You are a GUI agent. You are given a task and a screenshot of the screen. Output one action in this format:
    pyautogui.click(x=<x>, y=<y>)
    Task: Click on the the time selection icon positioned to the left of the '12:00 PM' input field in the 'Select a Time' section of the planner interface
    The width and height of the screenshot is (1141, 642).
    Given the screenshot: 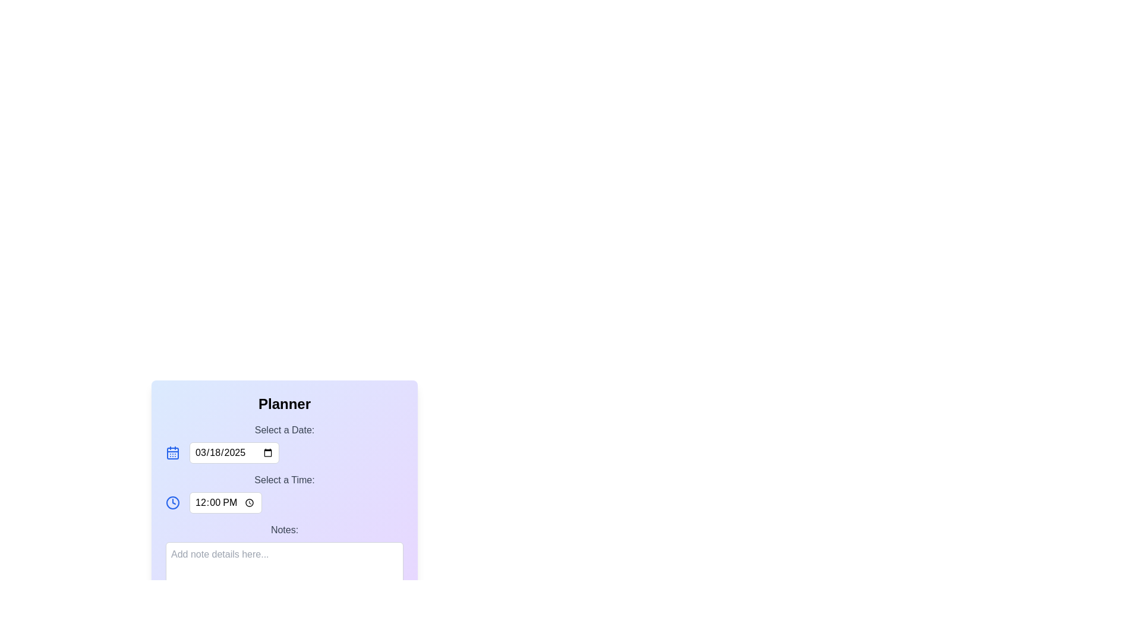 What is the action you would take?
    pyautogui.click(x=172, y=502)
    